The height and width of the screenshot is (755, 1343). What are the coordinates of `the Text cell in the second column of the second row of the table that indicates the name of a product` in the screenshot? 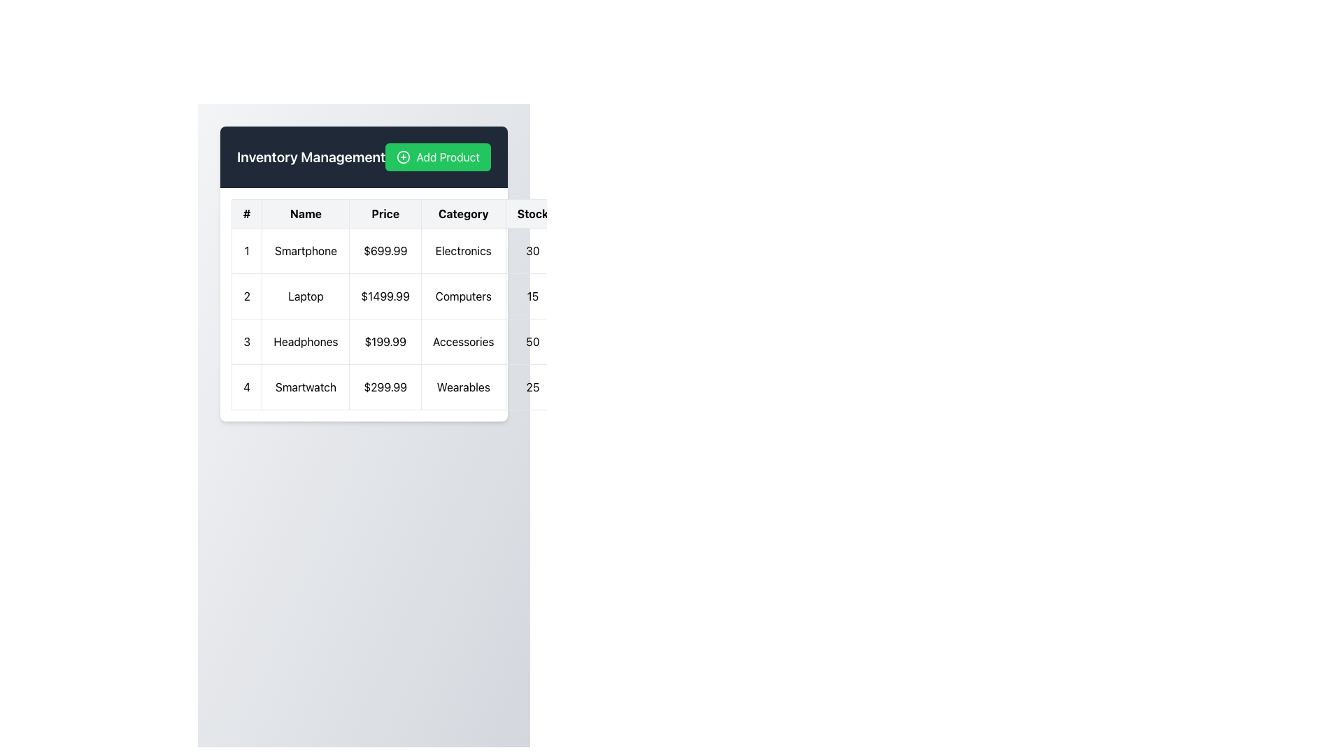 It's located at (305, 296).